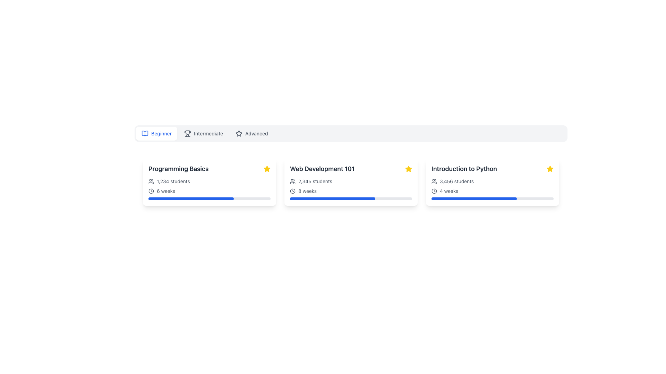 The image size is (666, 374). What do you see at coordinates (293, 181) in the screenshot?
I see `the small graphical icon shaped like two overlapping human figures, located at the top-left corner of the '2,345 students' text label within the card titled 'Web Development 101'` at bounding box center [293, 181].